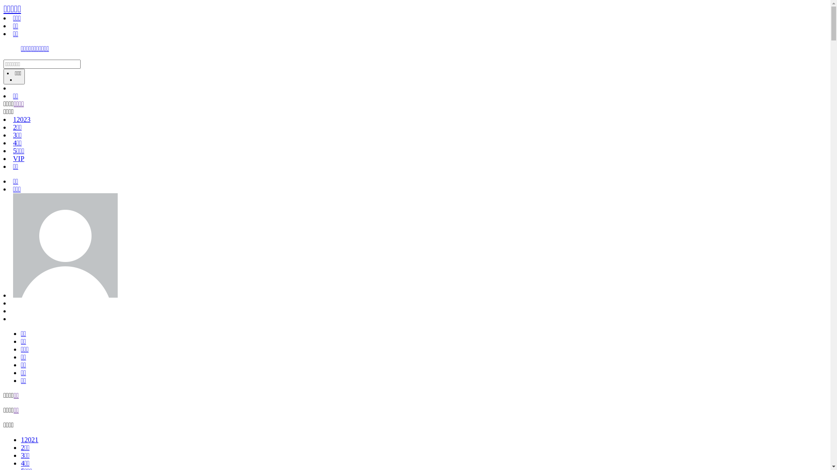 The height and width of the screenshot is (470, 837). Describe the element at coordinates (19, 158) in the screenshot. I see `'VIP'` at that location.